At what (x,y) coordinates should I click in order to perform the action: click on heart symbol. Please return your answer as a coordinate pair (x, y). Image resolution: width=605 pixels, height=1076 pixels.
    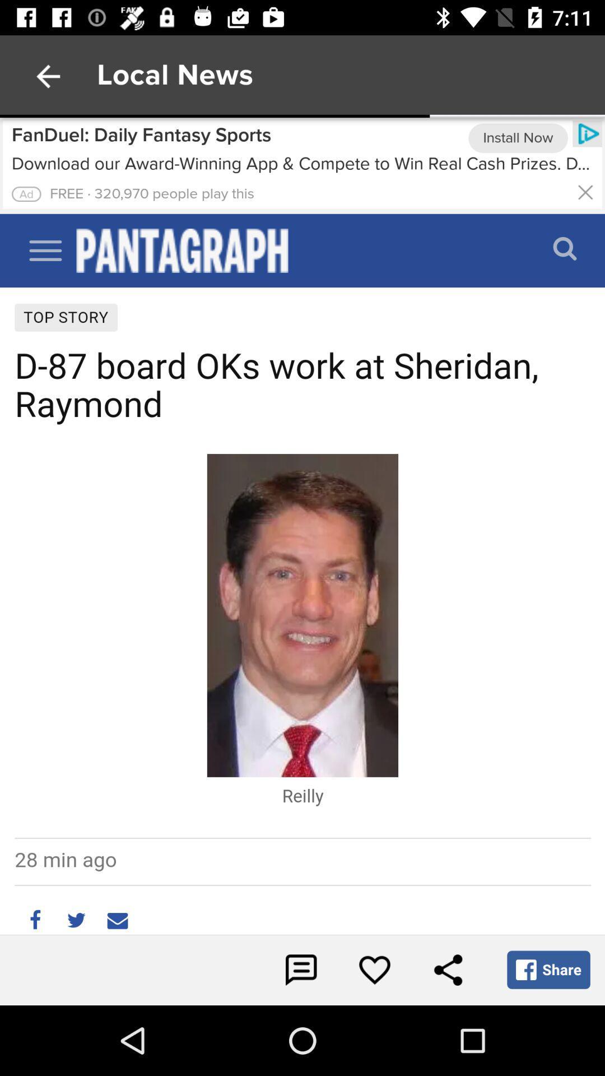
    Looking at the image, I should click on (374, 970).